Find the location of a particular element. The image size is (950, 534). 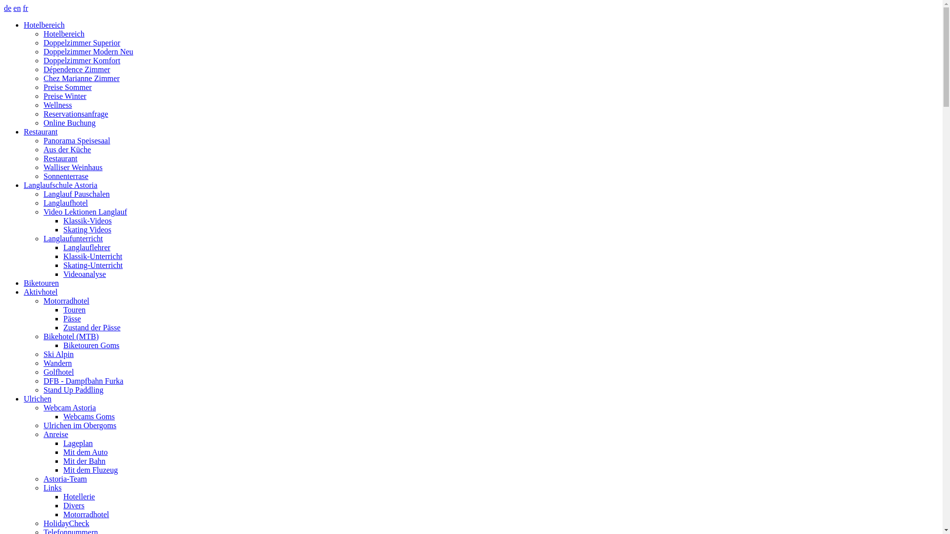

'Ulrichen im Obergoms' is located at coordinates (43, 425).